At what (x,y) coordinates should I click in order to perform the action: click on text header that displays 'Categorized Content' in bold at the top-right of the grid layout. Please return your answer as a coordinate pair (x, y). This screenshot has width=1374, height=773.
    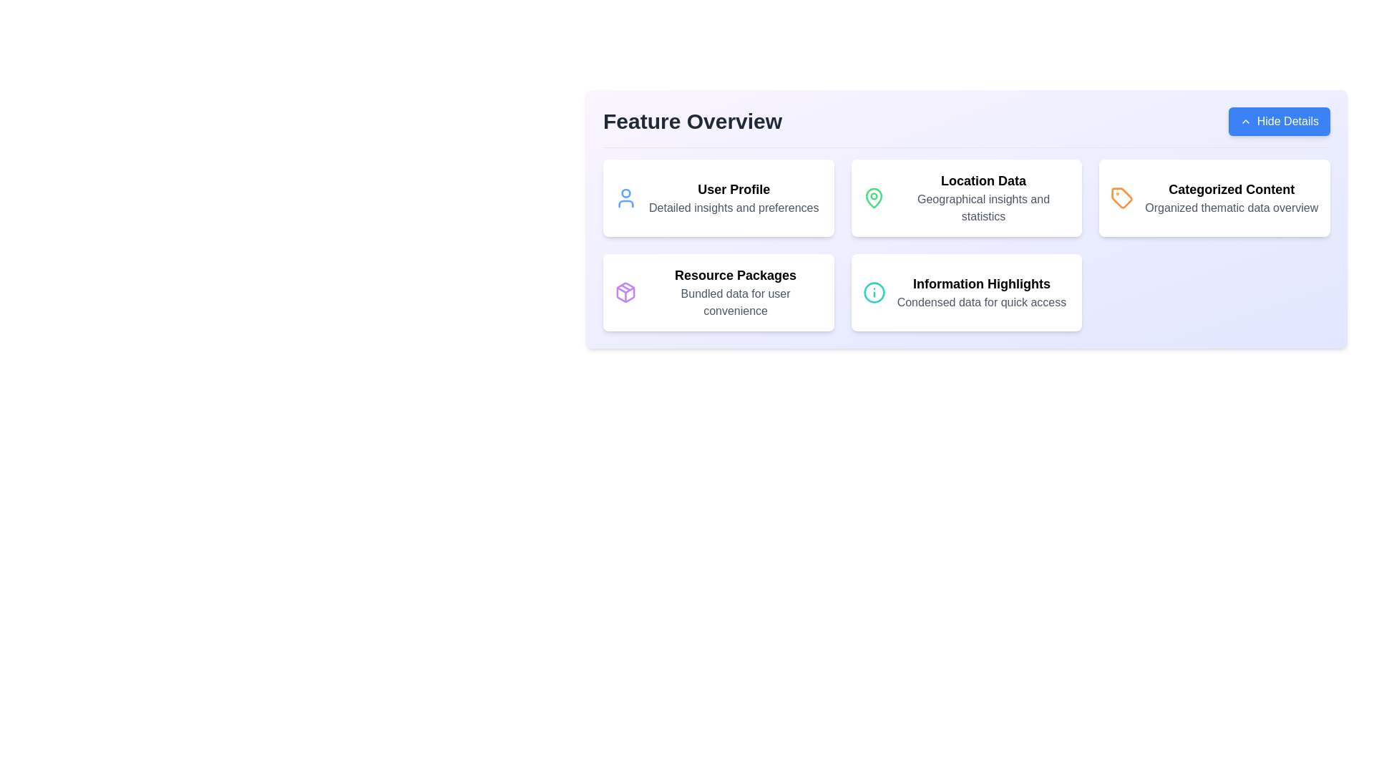
    Looking at the image, I should click on (1231, 189).